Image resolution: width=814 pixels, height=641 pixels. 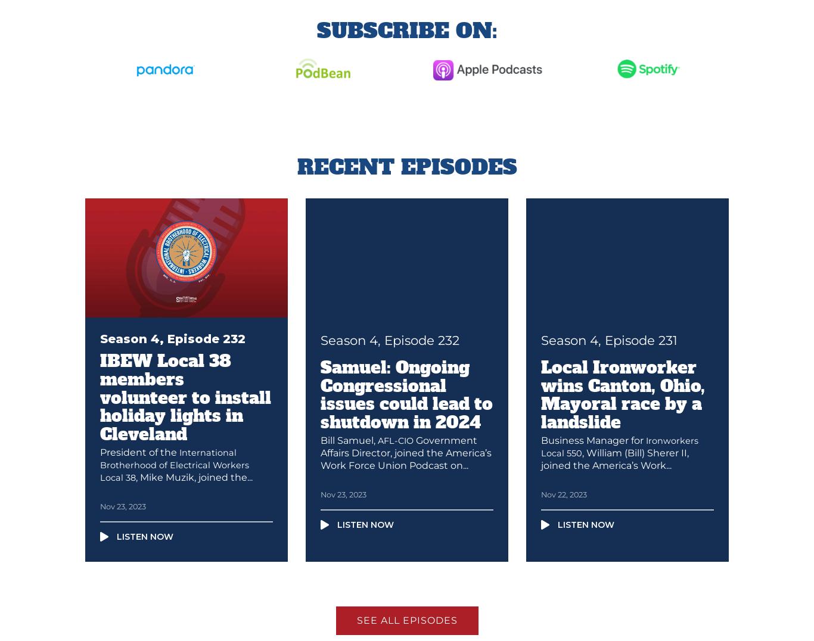 I want to click on 'Ironworkers Local 550', so click(x=619, y=446).